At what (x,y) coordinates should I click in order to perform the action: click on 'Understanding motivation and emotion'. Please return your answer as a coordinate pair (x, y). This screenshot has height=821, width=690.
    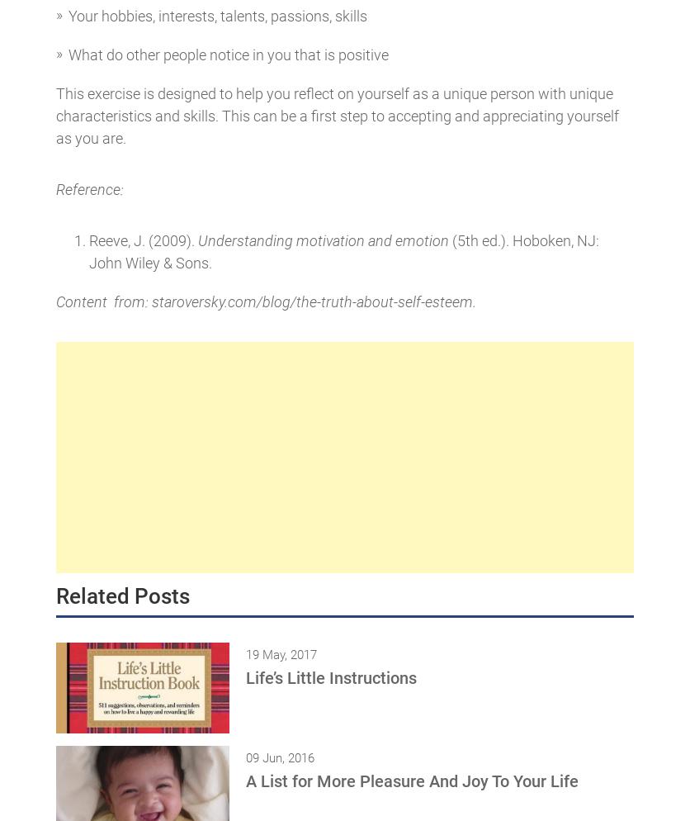
    Looking at the image, I should click on (323, 240).